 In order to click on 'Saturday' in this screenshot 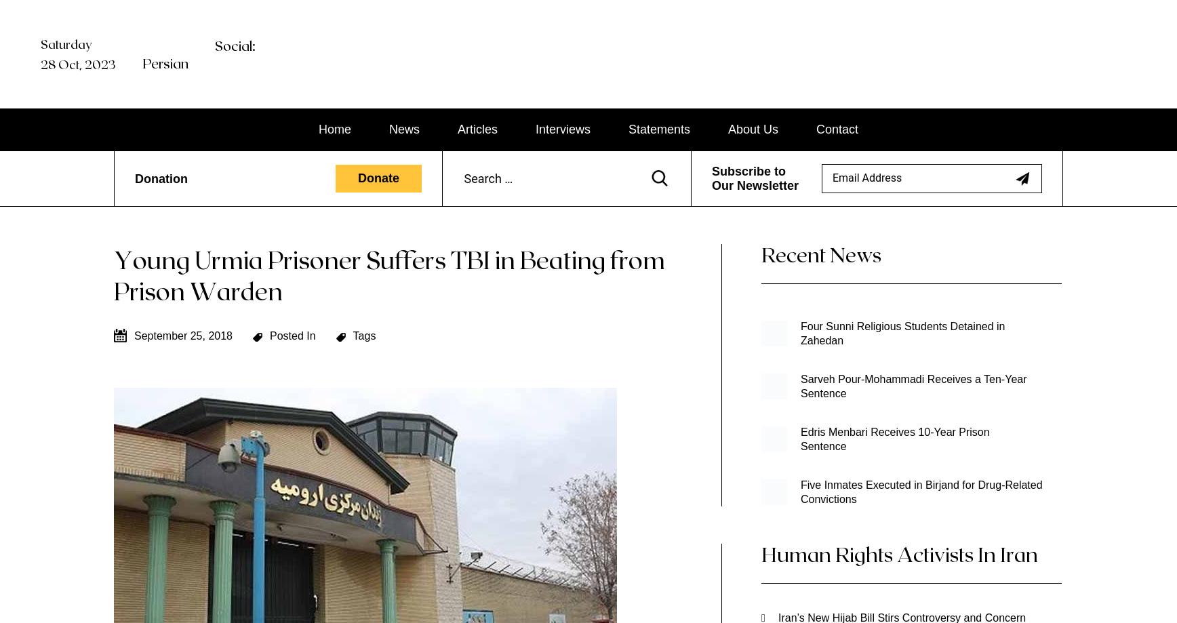, I will do `click(66, 43)`.